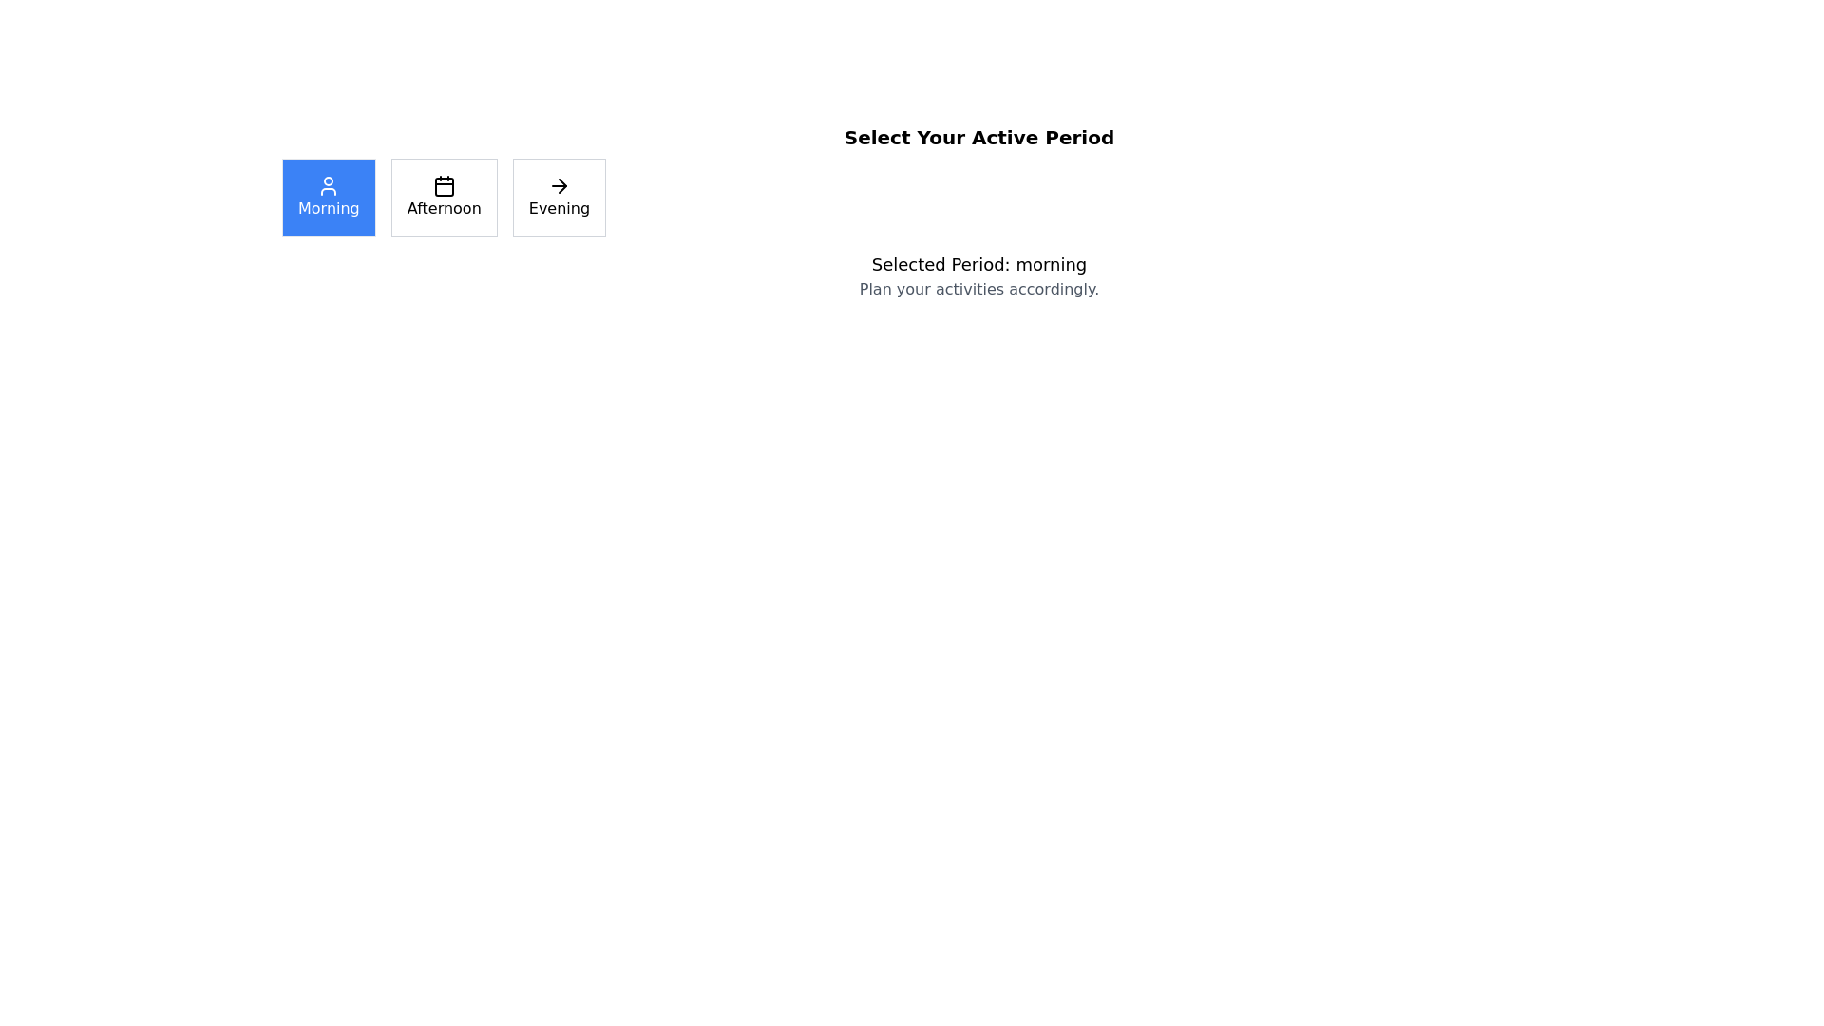 The height and width of the screenshot is (1026, 1824). Describe the element at coordinates (443, 198) in the screenshot. I see `the central button labeled 'Afternoon'` at that location.